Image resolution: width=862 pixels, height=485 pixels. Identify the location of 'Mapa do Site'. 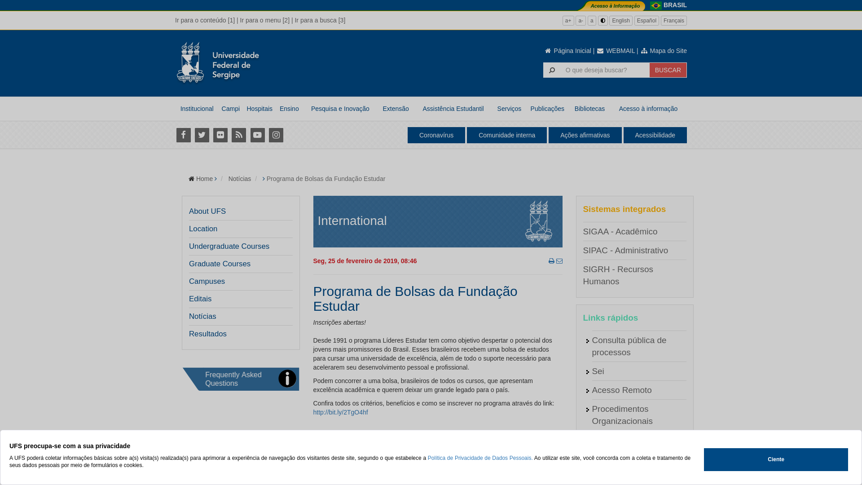
(664, 50).